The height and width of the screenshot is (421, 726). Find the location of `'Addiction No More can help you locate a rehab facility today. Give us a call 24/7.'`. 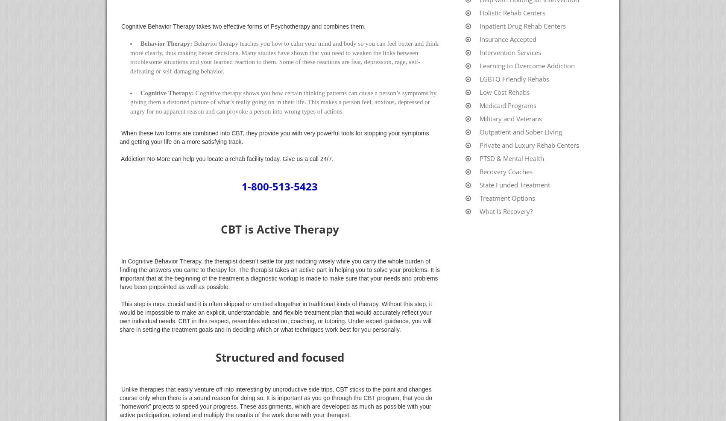

'Addiction No More can help you locate a rehab facility today. Give us a call 24/7.' is located at coordinates (227, 158).